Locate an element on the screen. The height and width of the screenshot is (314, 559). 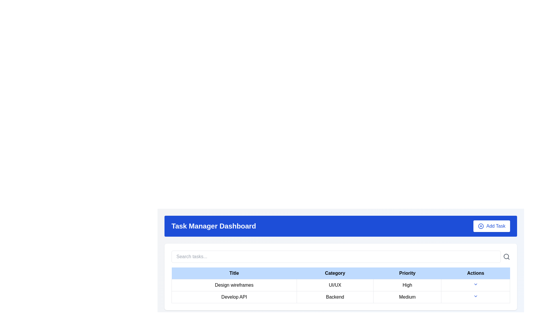
the circular blue outlined icon with a plus symbol located to the left of the 'Add Task' button in the upper section of the 'Task Manager Dashboard' interface is located at coordinates (481, 226).